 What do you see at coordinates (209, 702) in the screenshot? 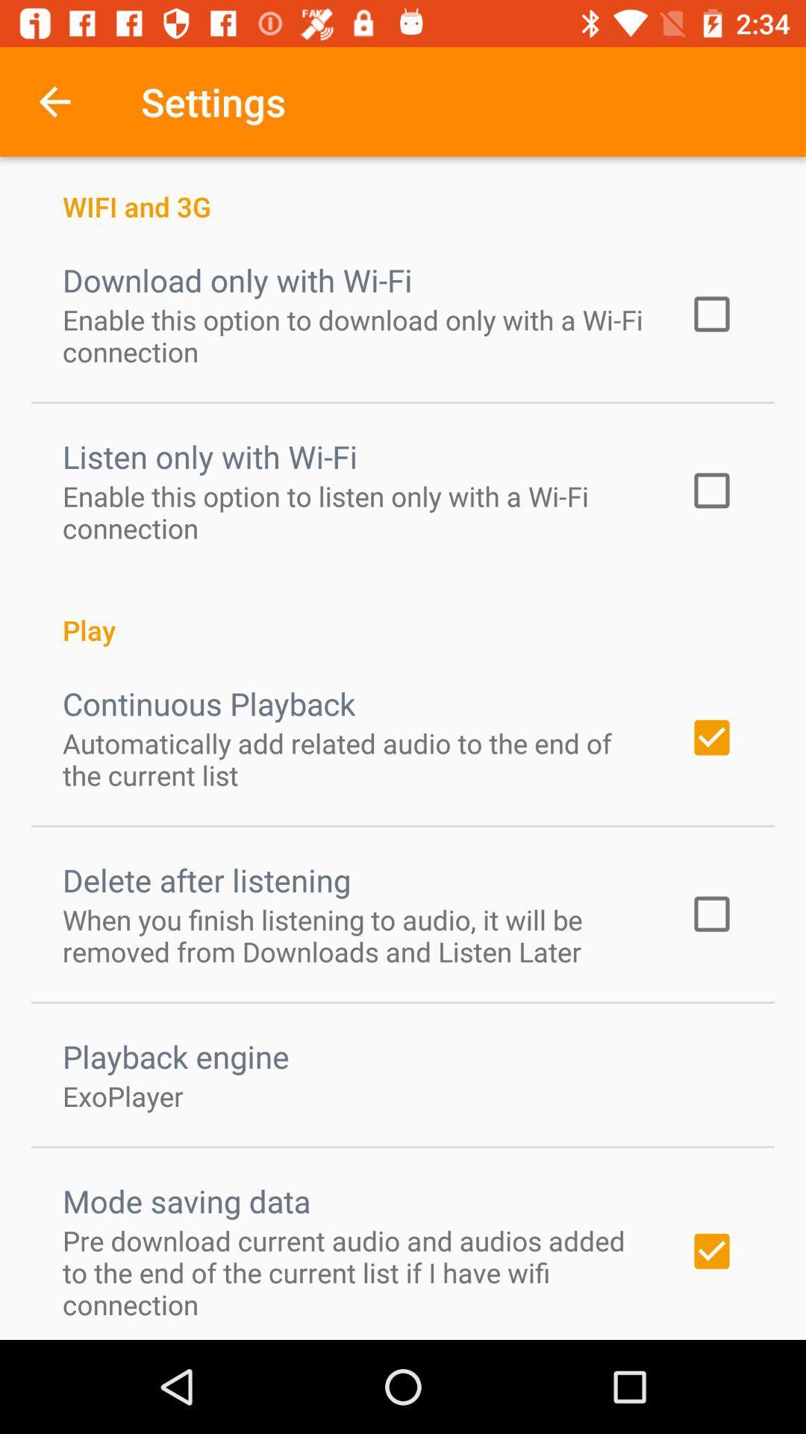
I see `continuous playback` at bounding box center [209, 702].